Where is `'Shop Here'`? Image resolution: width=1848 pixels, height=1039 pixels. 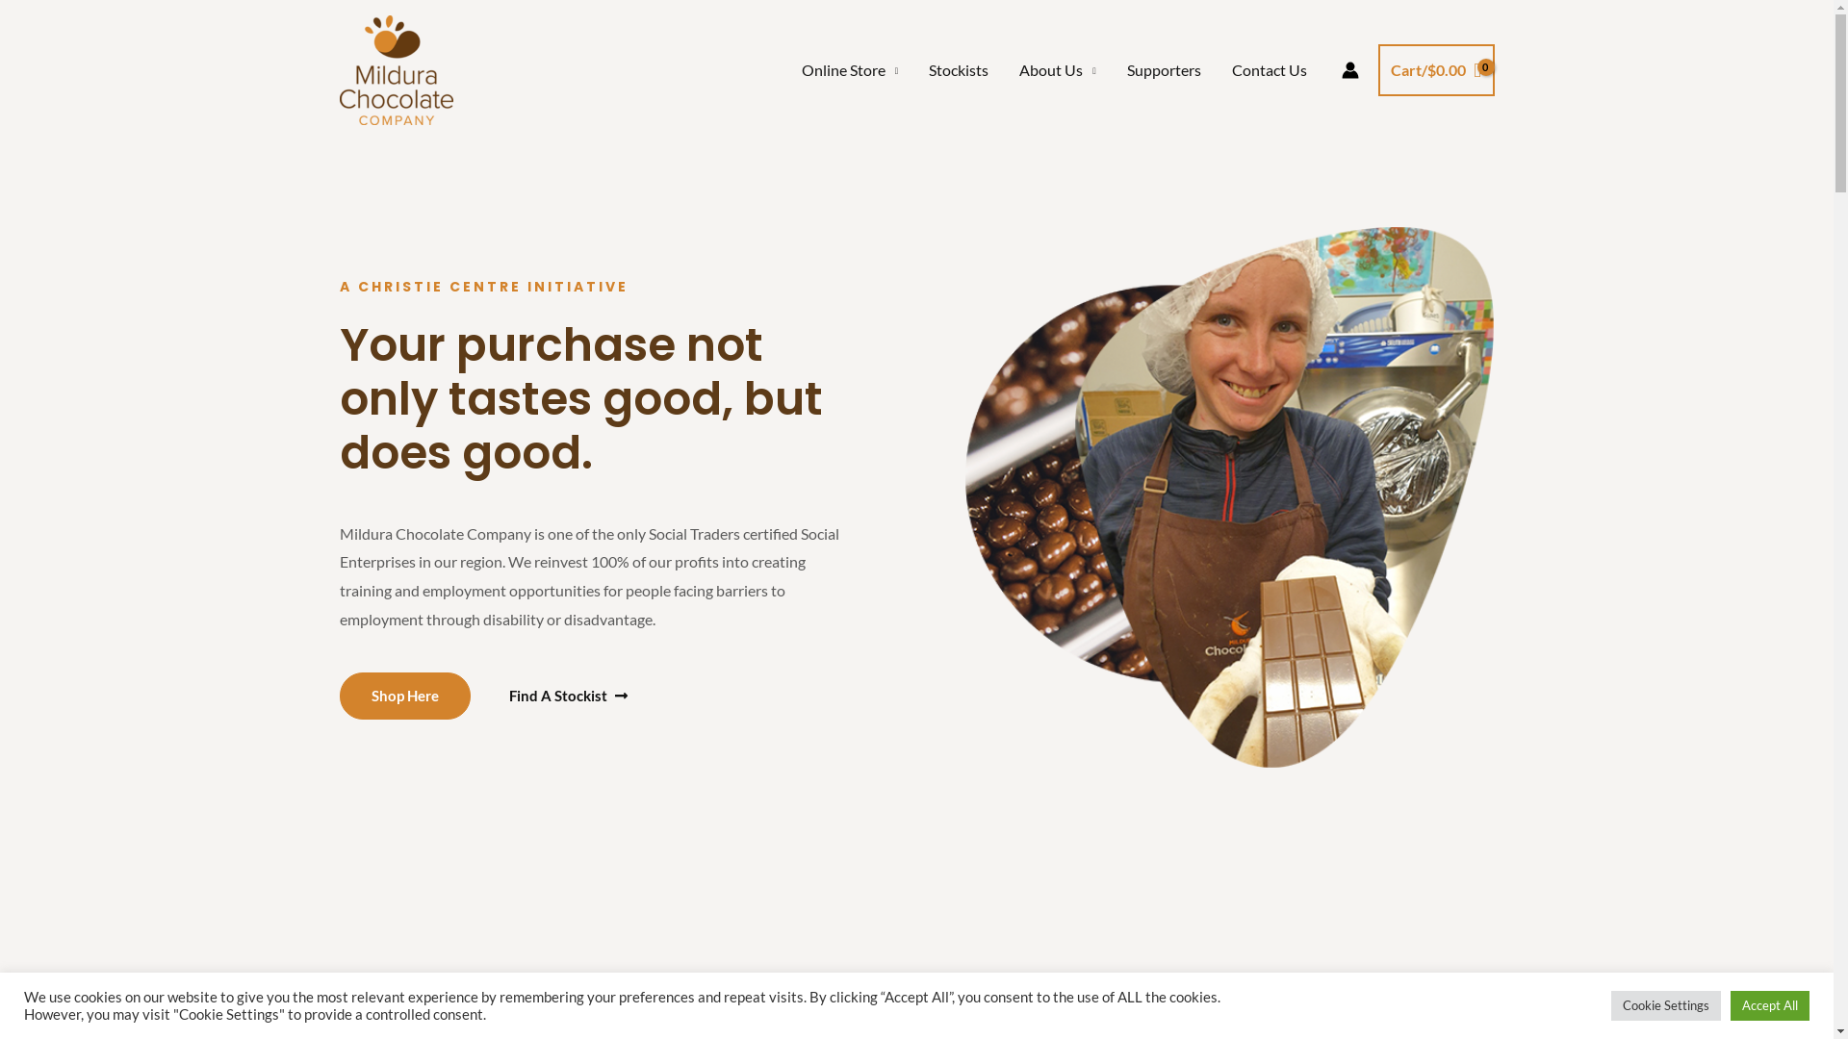
'Shop Here' is located at coordinates (403, 695).